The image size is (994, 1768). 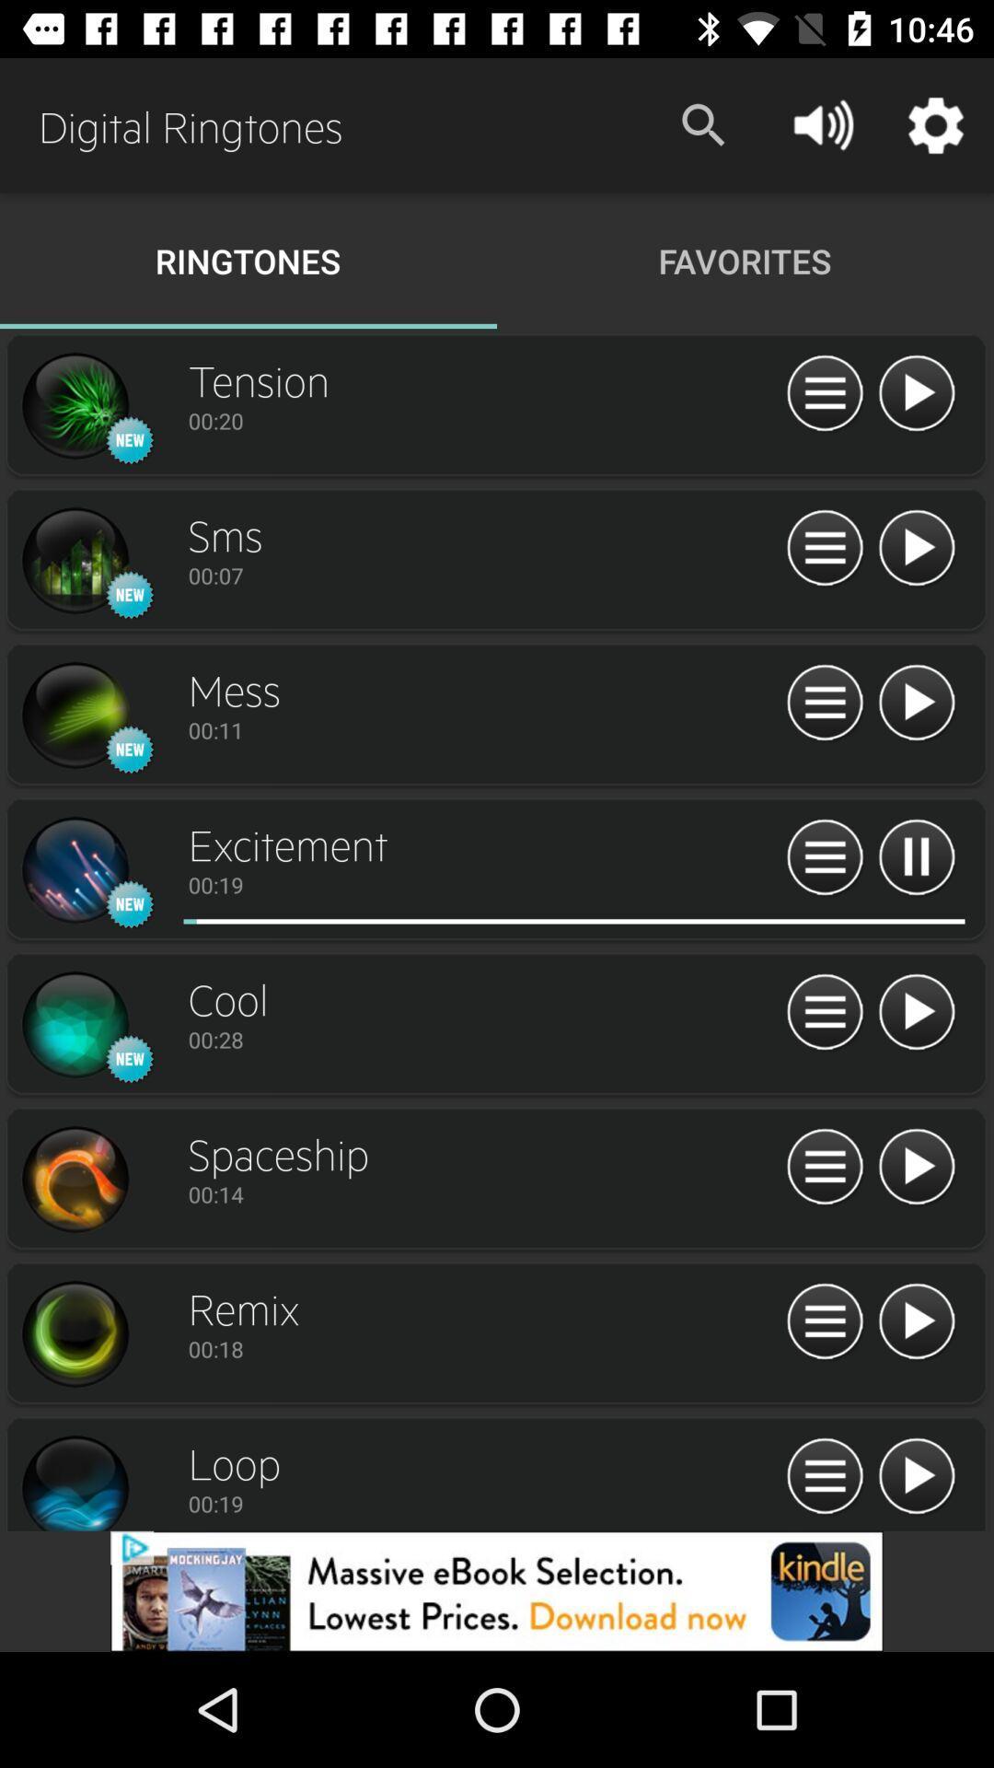 I want to click on menu icon, so click(x=824, y=1477).